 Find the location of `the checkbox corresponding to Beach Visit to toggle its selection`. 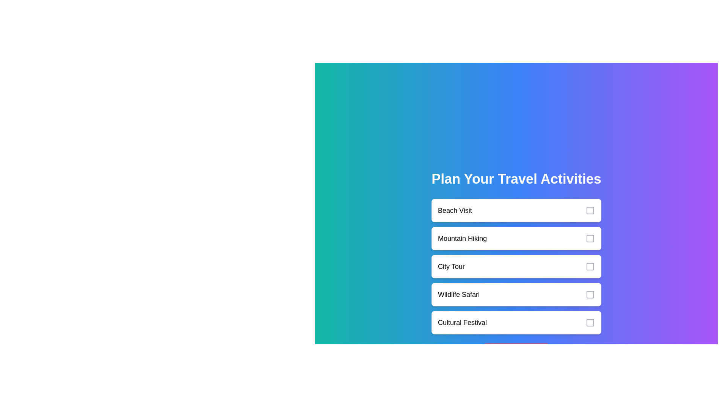

the checkbox corresponding to Beach Visit to toggle its selection is located at coordinates (590, 210).